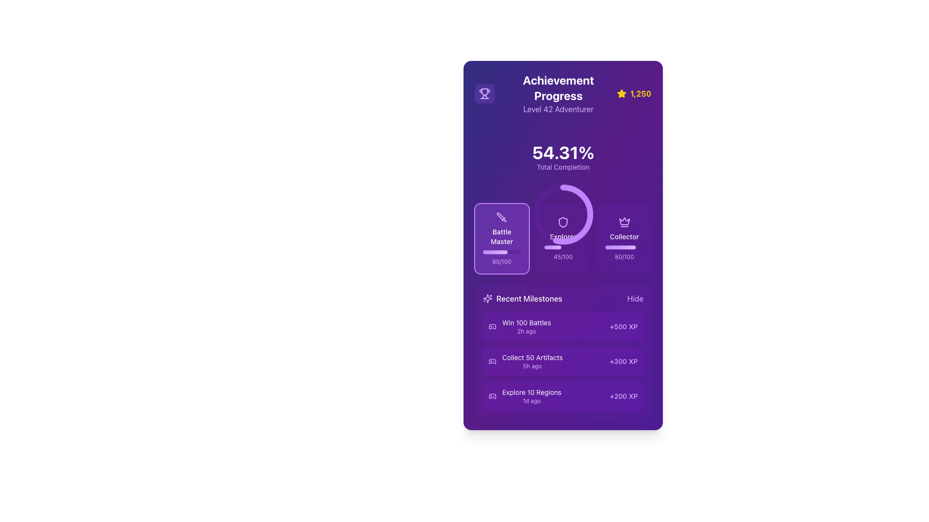 Image resolution: width=929 pixels, height=522 pixels. I want to click on the first list item in the 'Recent Milestones' section that represents the milestone 'Win 100 Battles' for more details, so click(519, 326).